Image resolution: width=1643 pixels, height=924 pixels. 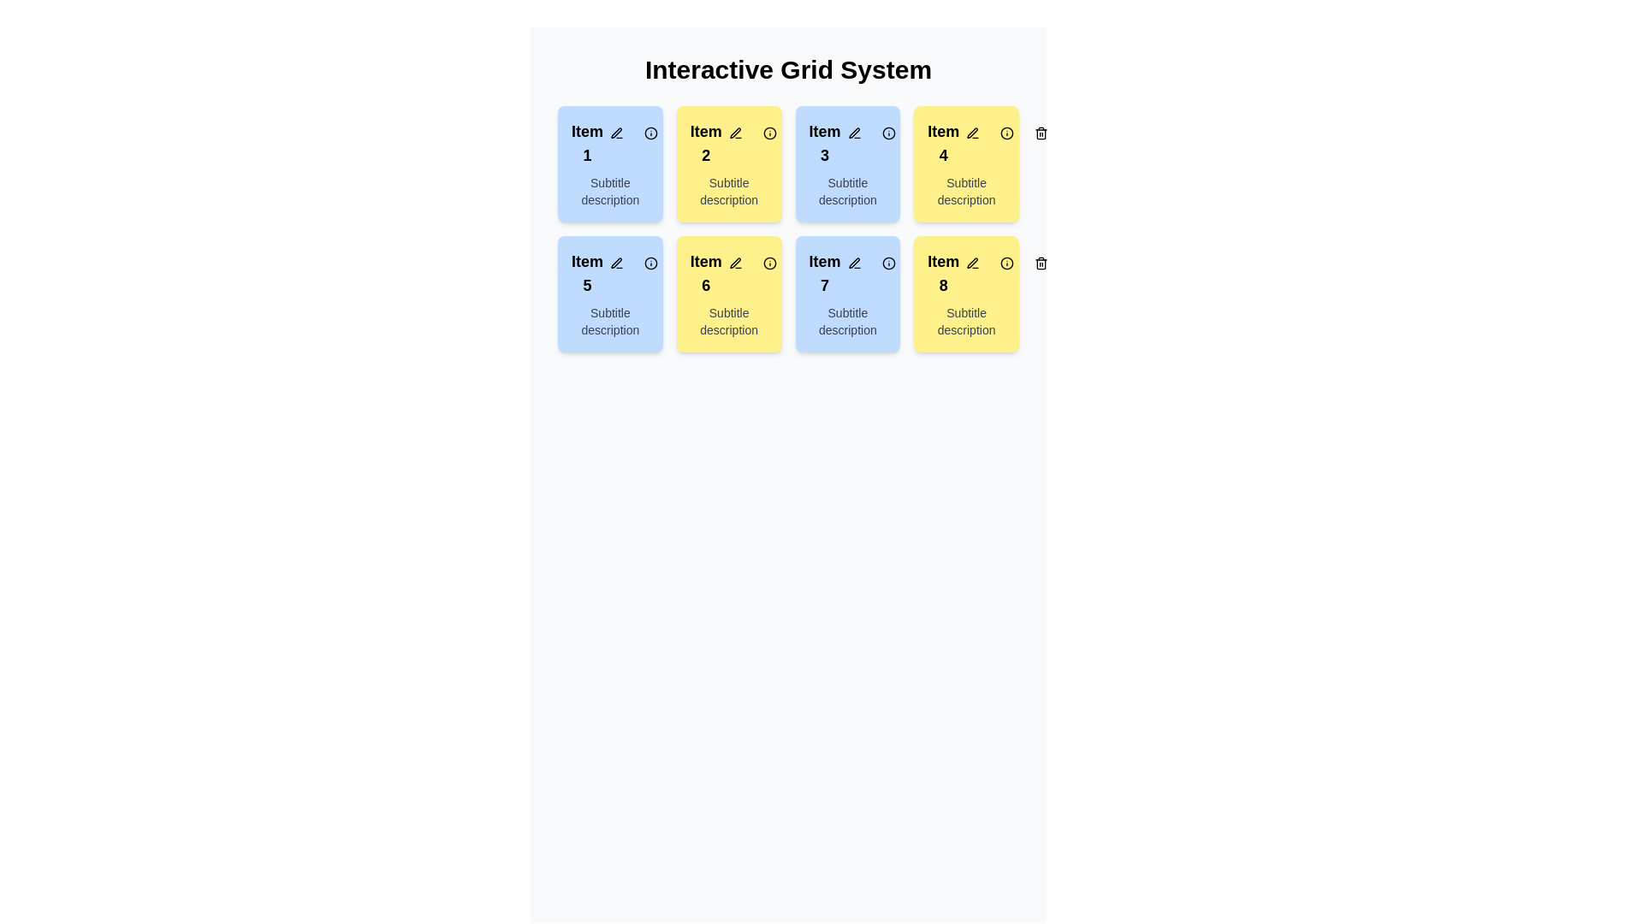 I want to click on the text label indicating 'Item 8', which serves as the title for the eighth card in a 4x2 grid layout, so click(x=942, y=273).